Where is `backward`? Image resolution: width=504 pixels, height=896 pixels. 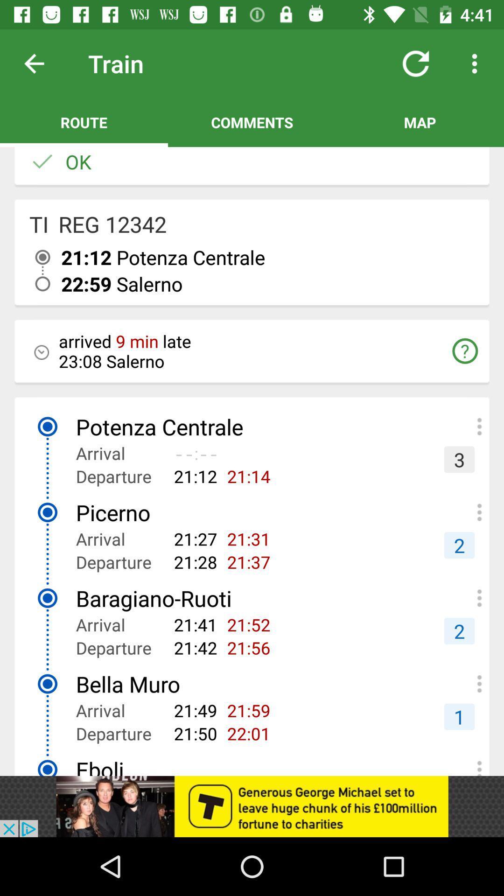 backward is located at coordinates (41, 63).